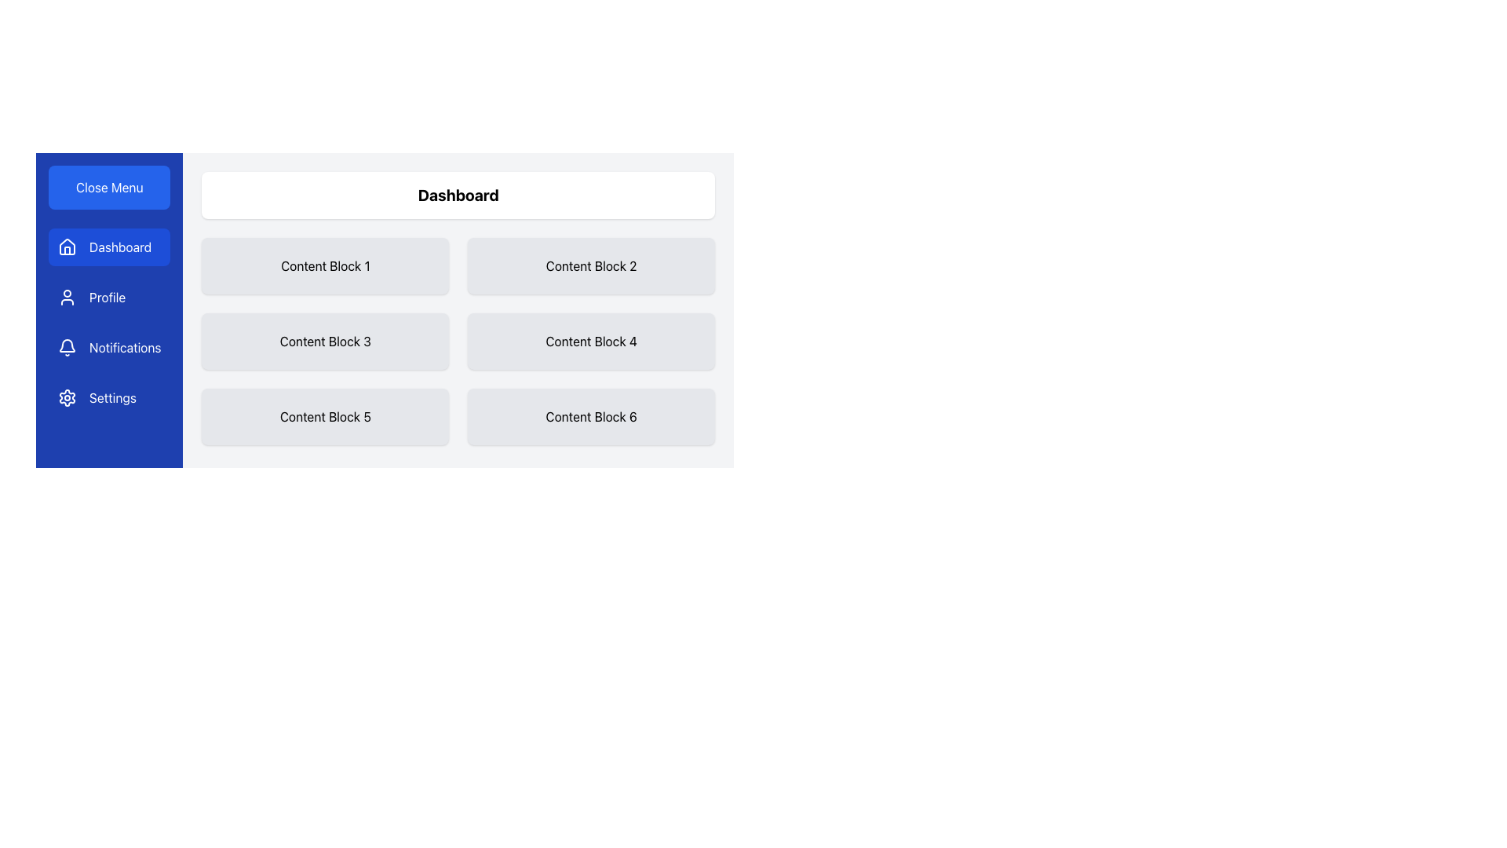  What do you see at coordinates (108, 247) in the screenshot?
I see `the navigation button that links to the dashboard section of the application, located in the vertical navigation sidebar just below the 'Close Menu' button` at bounding box center [108, 247].